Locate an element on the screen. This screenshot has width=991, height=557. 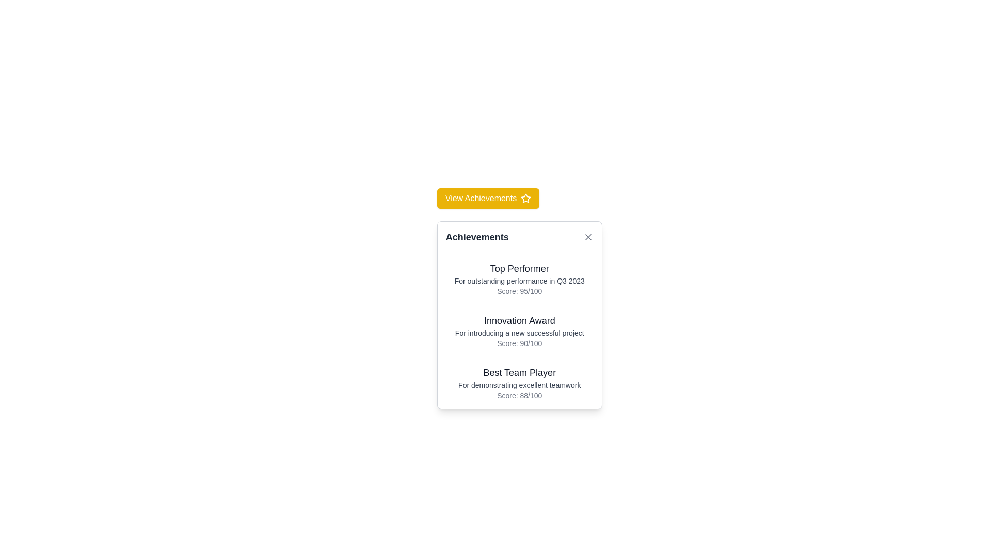
the text label that reads 'For outstanding performance in Q3 2023', which is styled in smaller, gray font and is positioned below the title 'Top Performer' and above the score 'Score: 95/100' is located at coordinates (519, 281).